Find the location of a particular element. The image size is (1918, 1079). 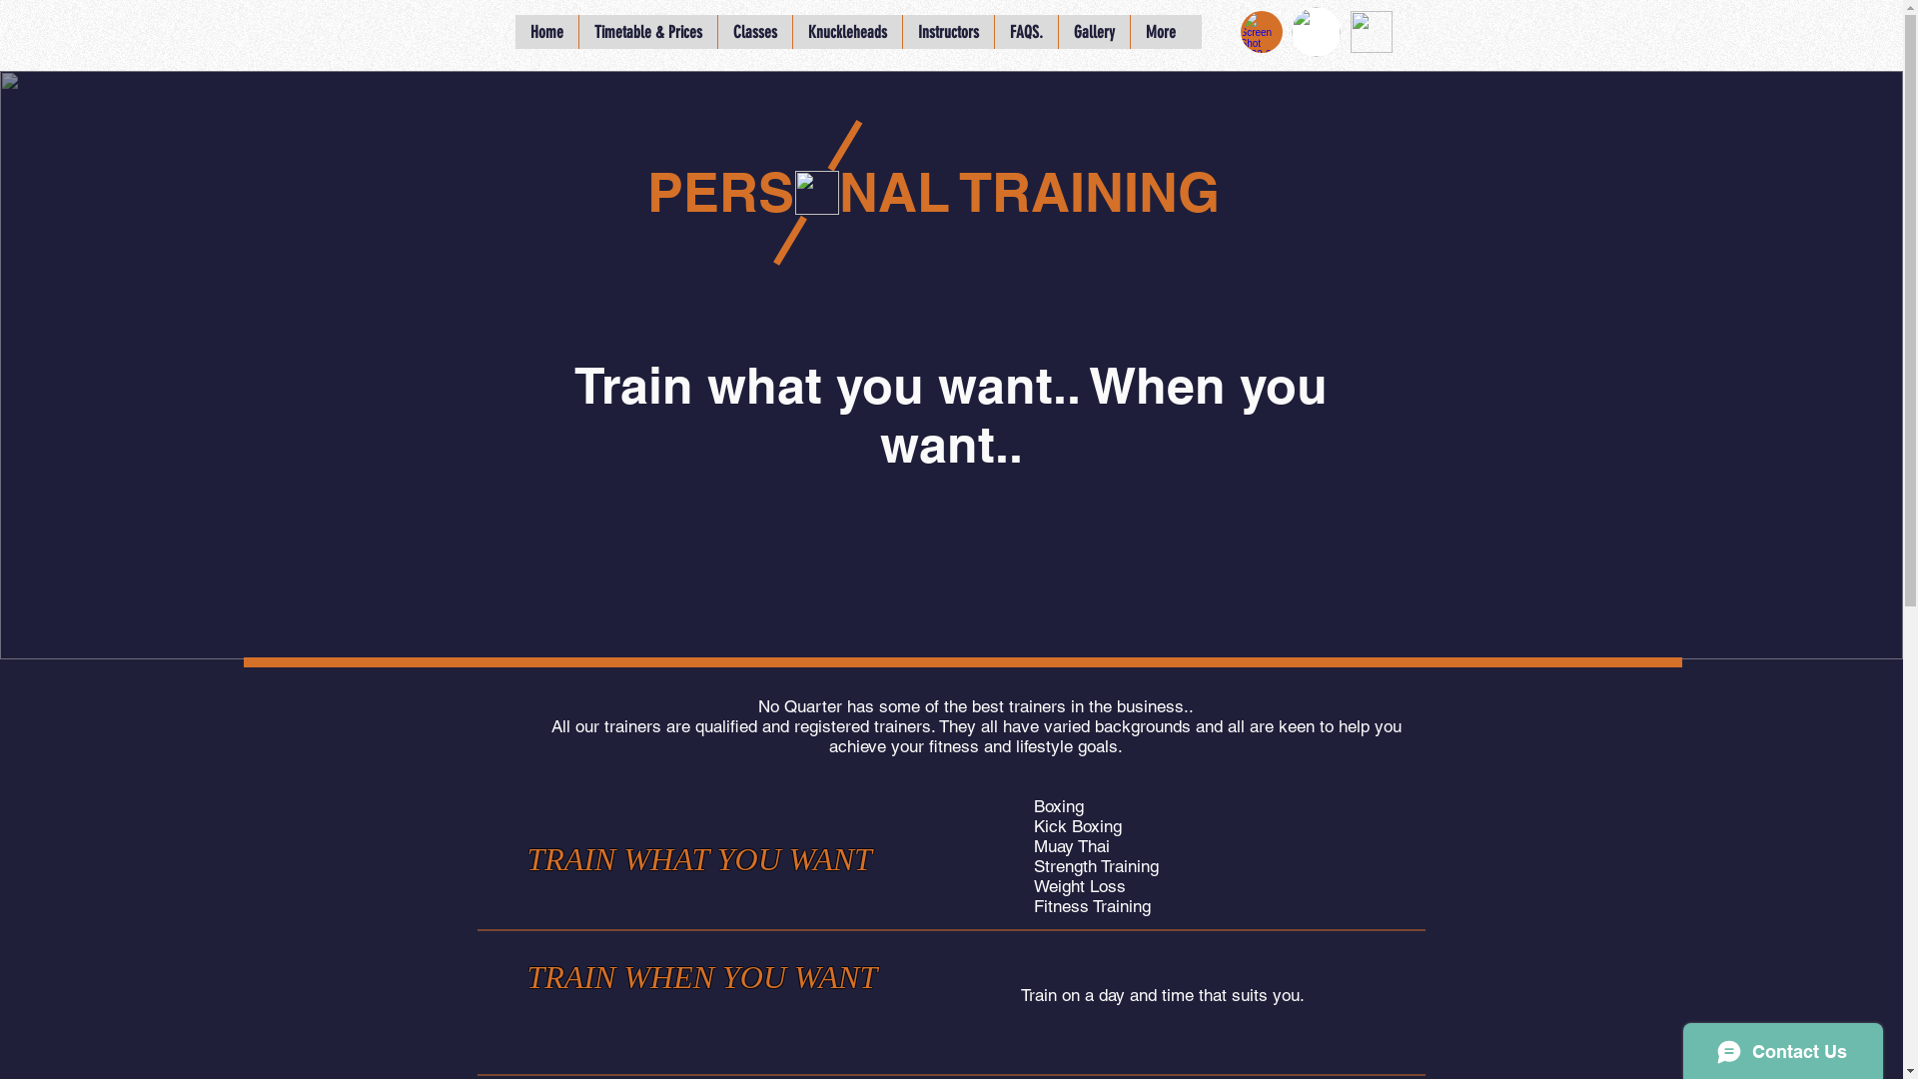

'Instructors' is located at coordinates (946, 31).